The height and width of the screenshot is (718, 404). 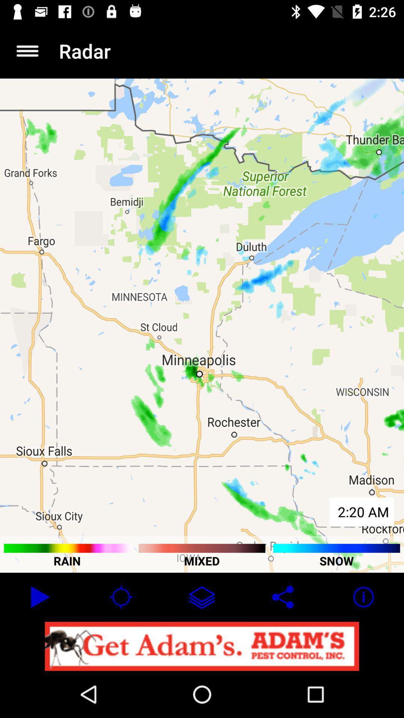 I want to click on the menu icon, so click(x=27, y=50).